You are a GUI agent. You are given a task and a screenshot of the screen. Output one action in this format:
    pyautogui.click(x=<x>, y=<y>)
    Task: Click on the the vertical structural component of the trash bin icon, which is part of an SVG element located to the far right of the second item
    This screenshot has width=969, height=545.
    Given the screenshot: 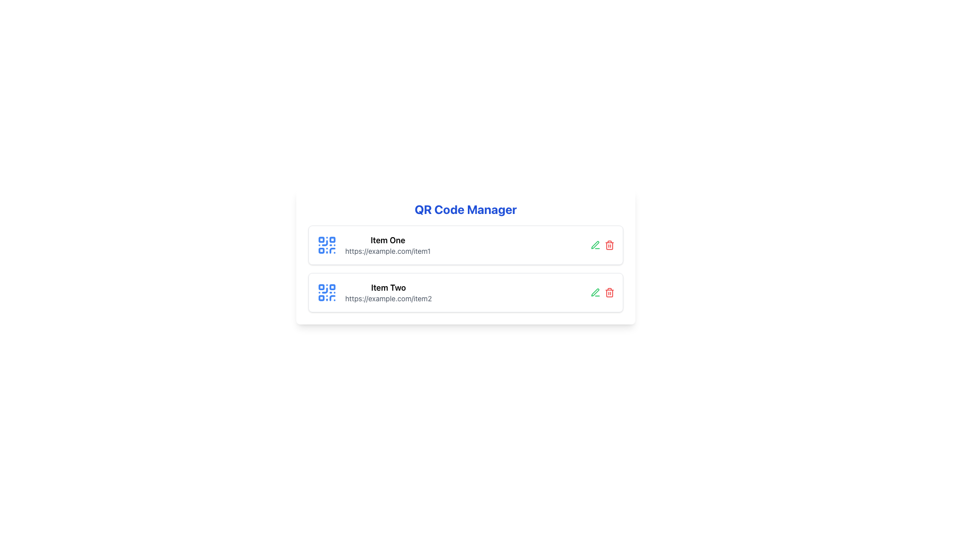 What is the action you would take?
    pyautogui.click(x=609, y=293)
    